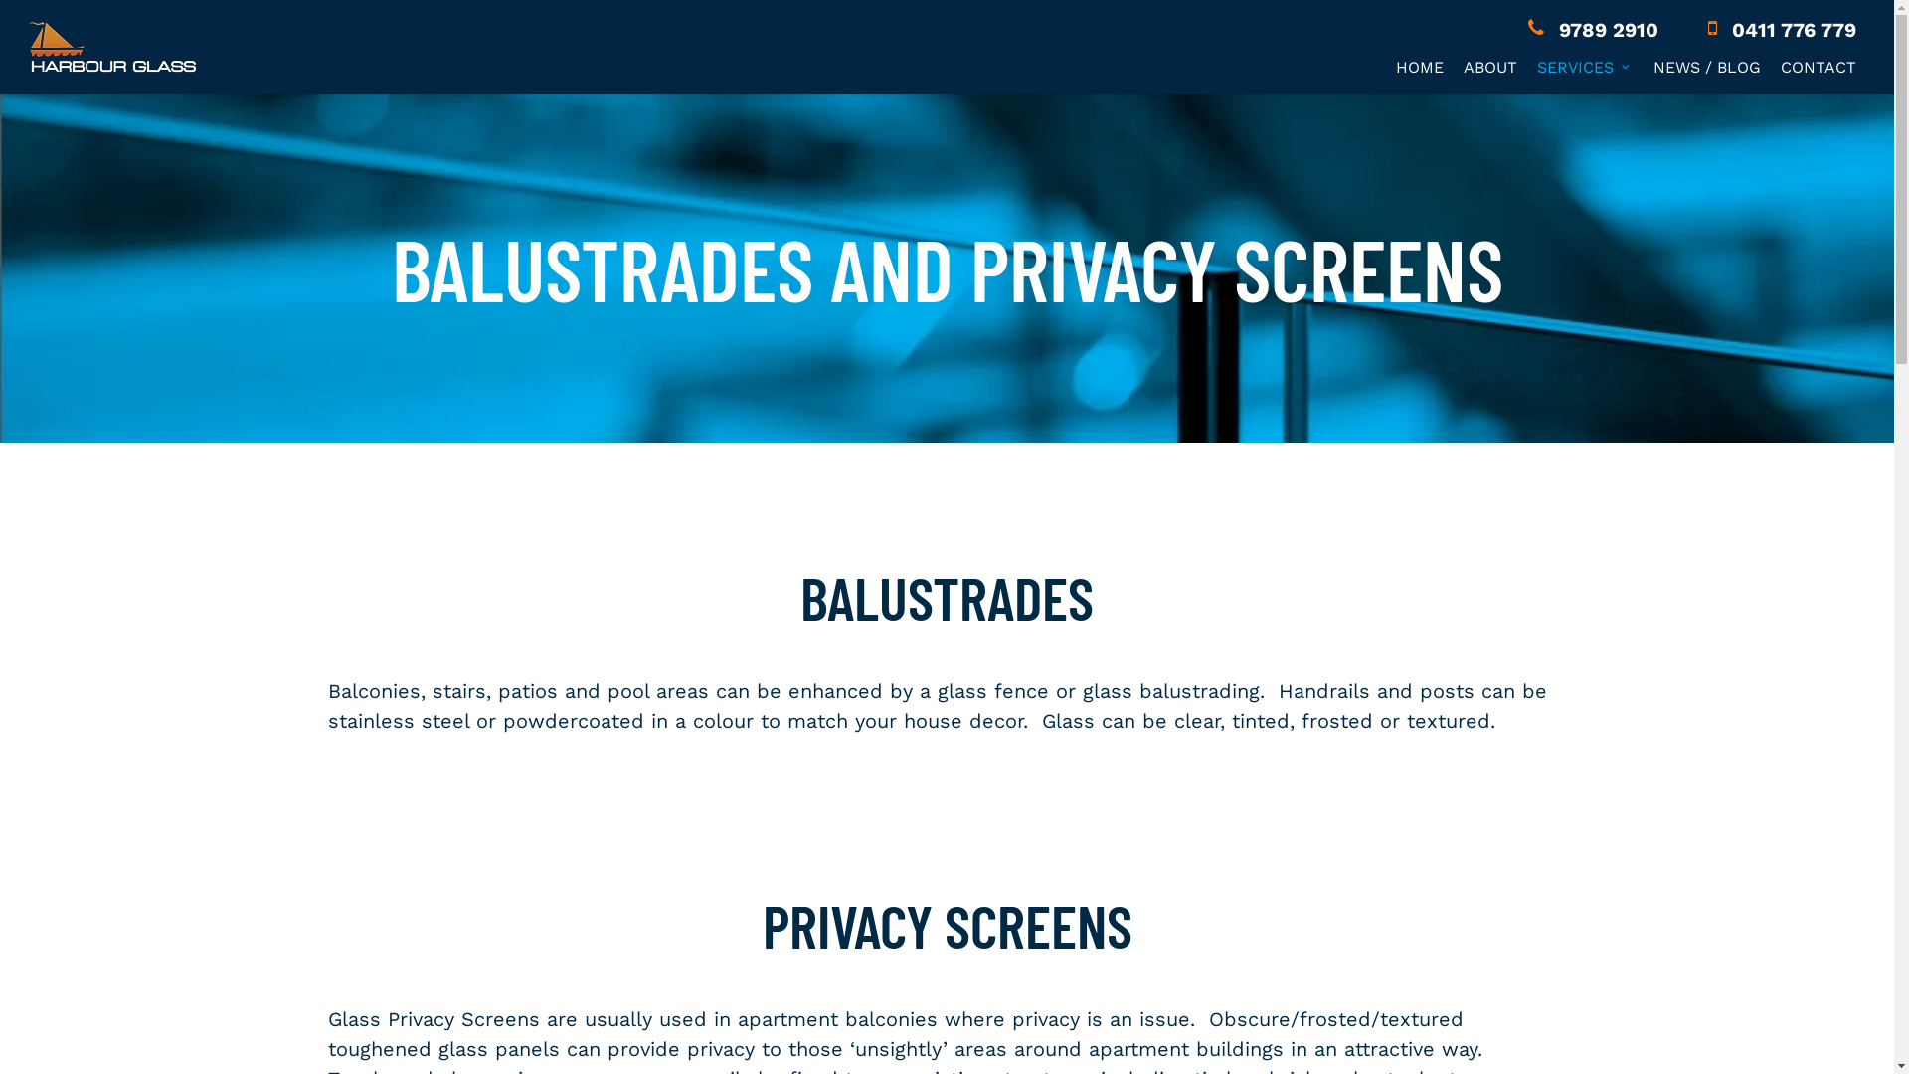  What do you see at coordinates (1593, 29) in the screenshot?
I see `'9789 2910'` at bounding box center [1593, 29].